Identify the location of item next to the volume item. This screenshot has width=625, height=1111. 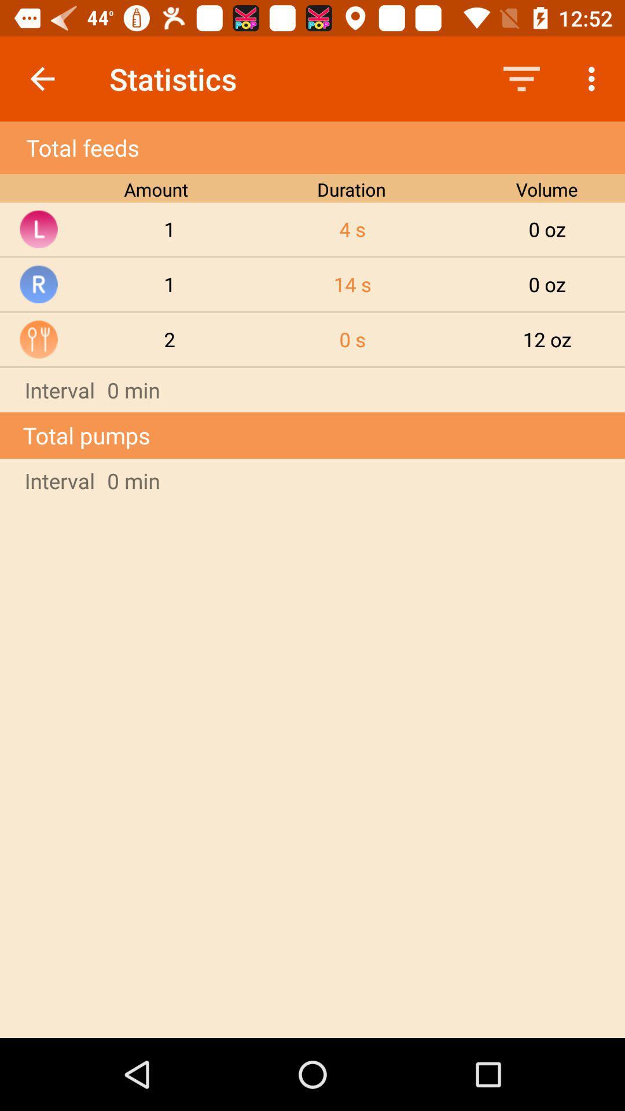
(352, 229).